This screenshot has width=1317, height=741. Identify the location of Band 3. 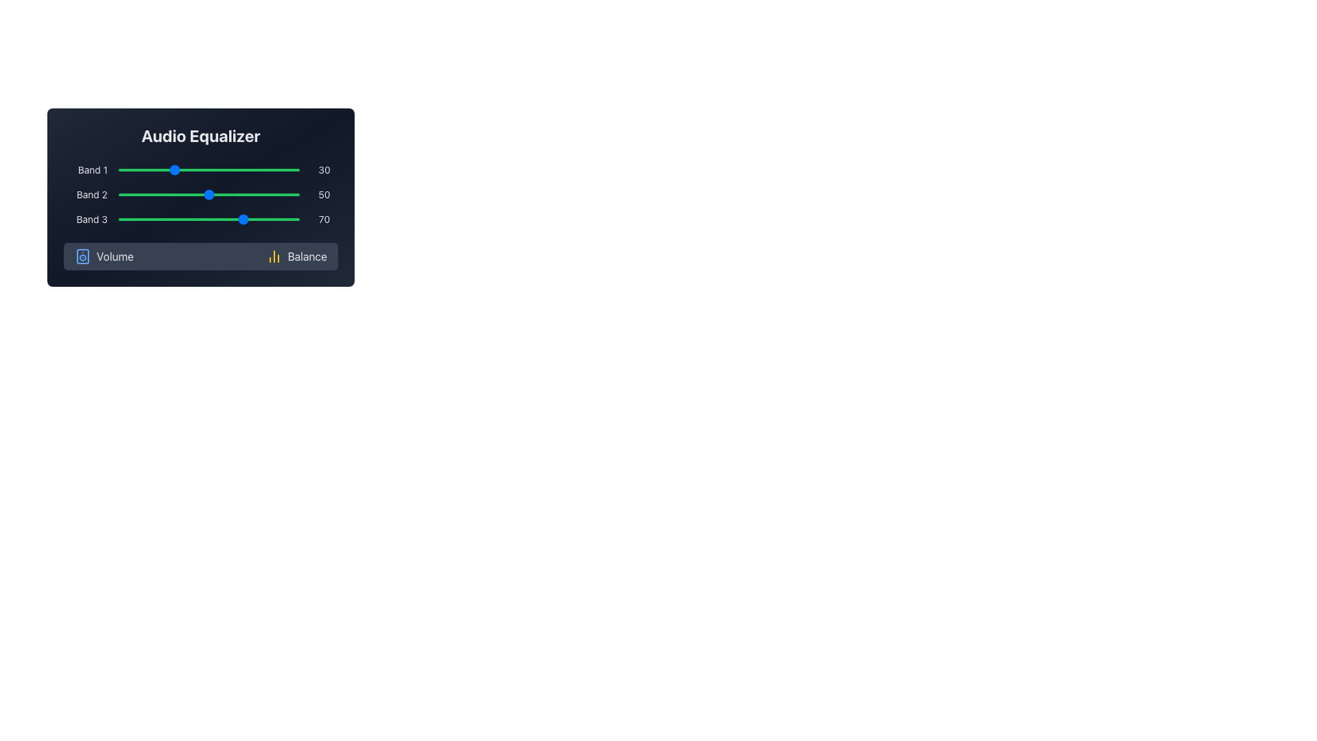
(195, 219).